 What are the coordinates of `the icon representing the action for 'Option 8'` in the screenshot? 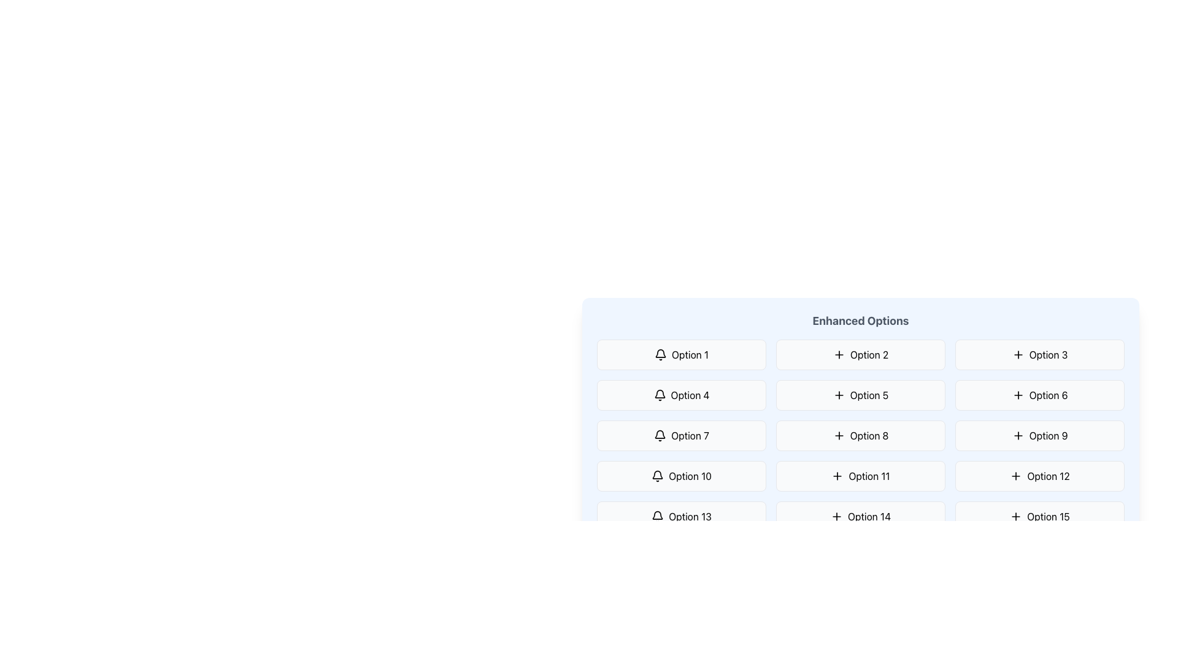 It's located at (838, 435).